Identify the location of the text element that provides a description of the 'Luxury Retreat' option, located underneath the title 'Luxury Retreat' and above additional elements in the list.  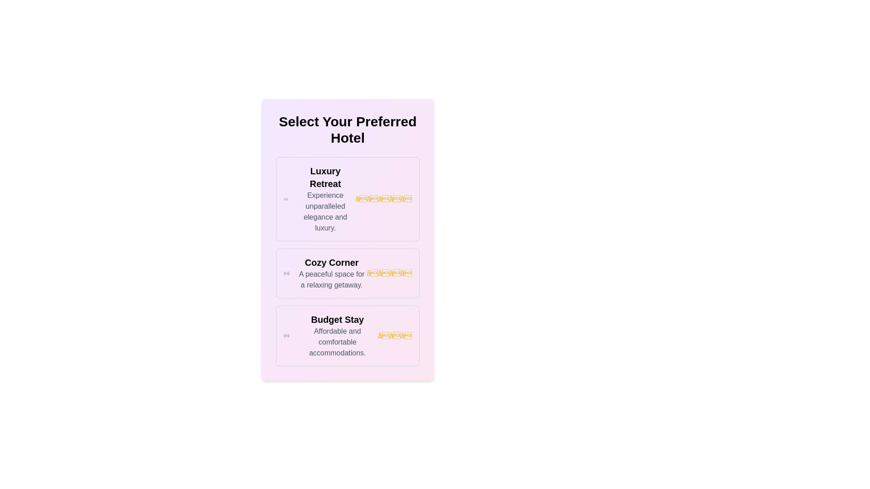
(325, 211).